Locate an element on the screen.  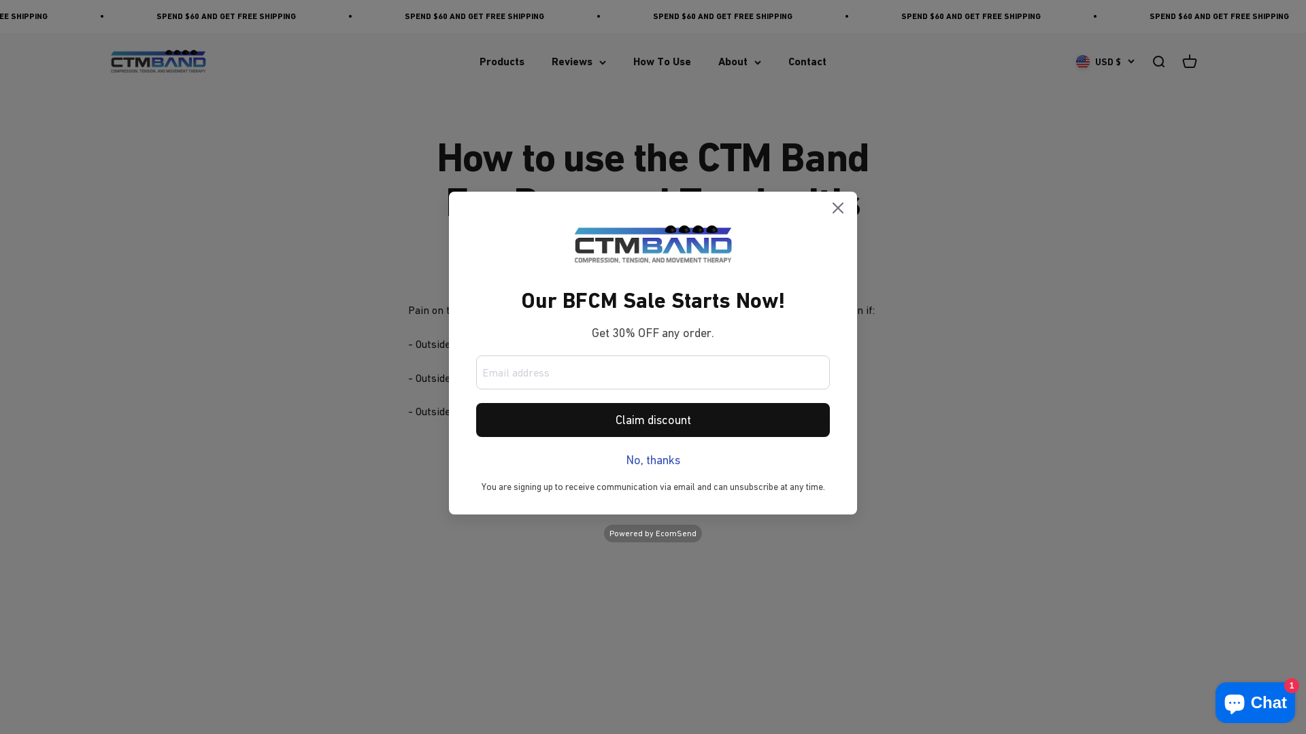
'Shopify online store chat' is located at coordinates (1254, 699).